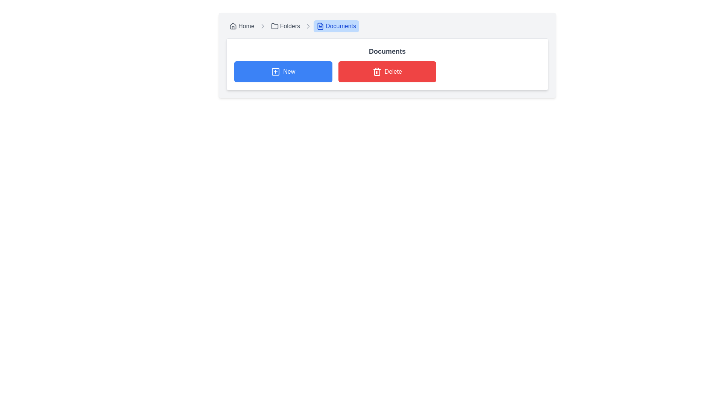 The height and width of the screenshot is (406, 722). I want to click on the 'New' button icon located on the left side of the two-button group in the upper left area of the 'Documents' content card, so click(275, 72).